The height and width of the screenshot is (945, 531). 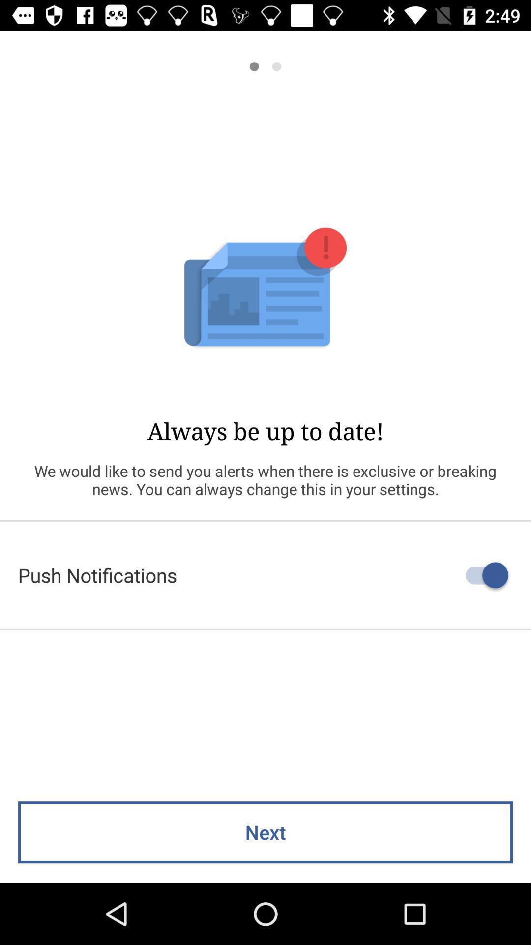 I want to click on push notifications, so click(x=265, y=575).